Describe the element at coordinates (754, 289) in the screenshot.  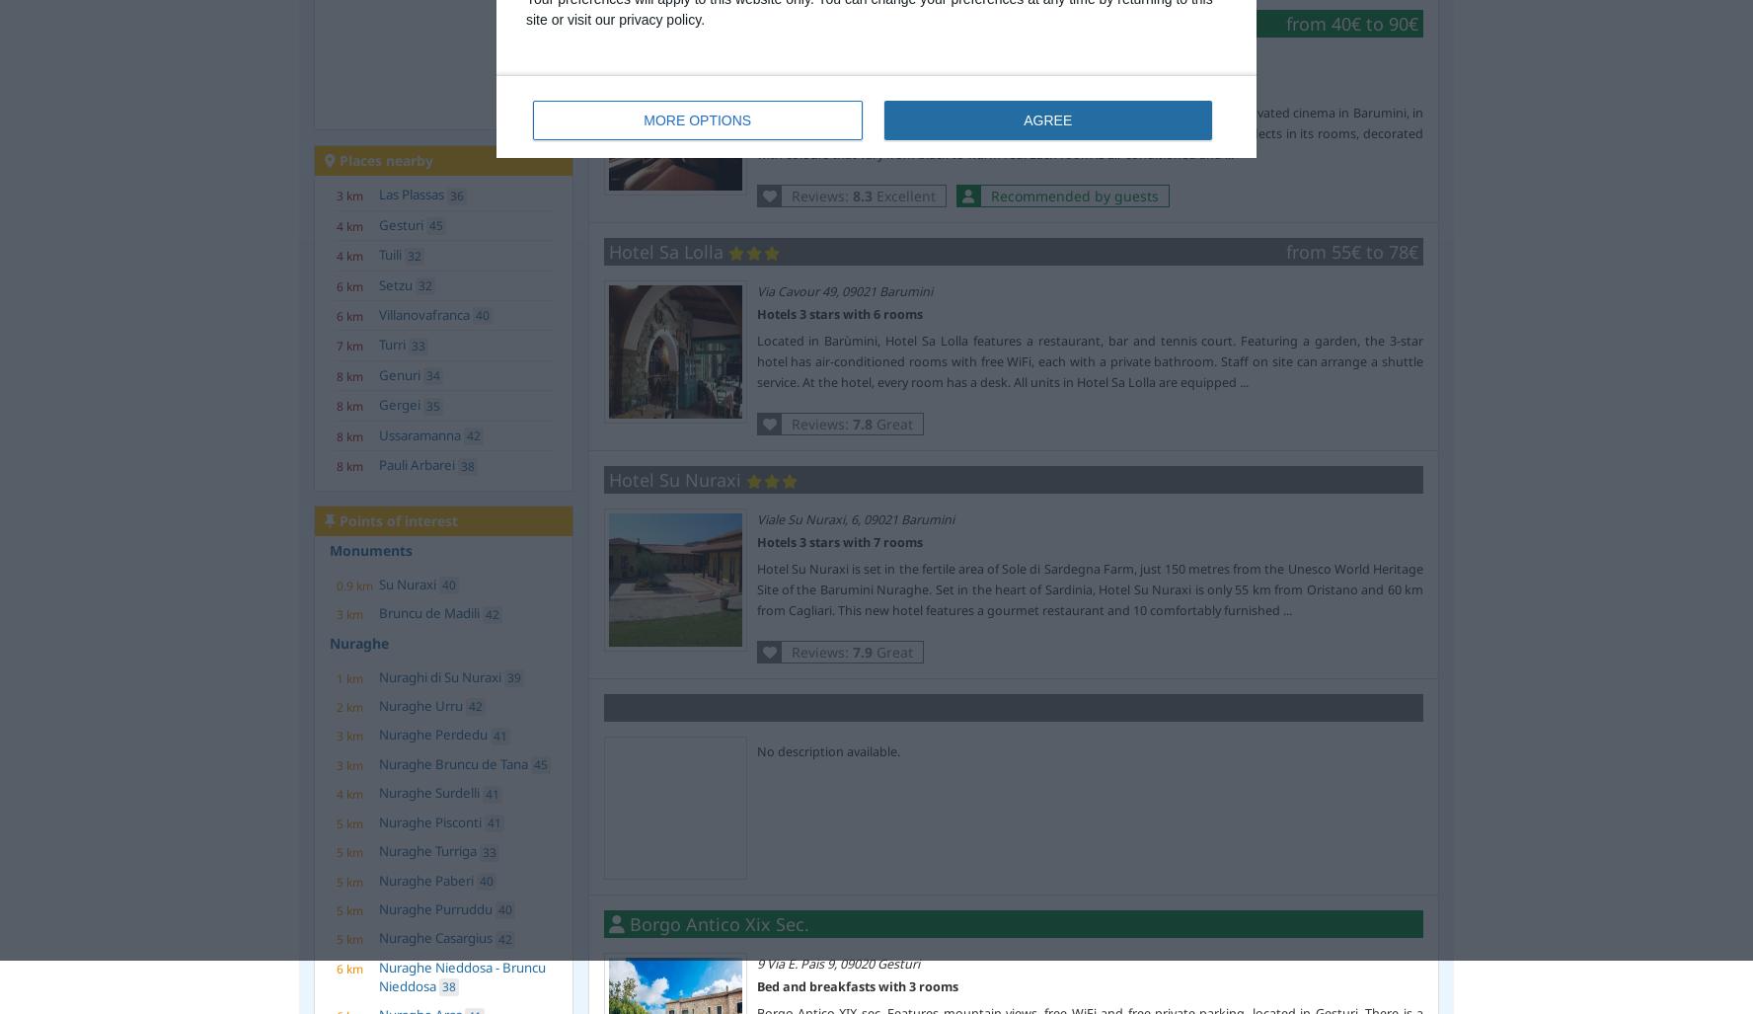
I see `'Via Cavour 49, 
09021 Barumini'` at that location.